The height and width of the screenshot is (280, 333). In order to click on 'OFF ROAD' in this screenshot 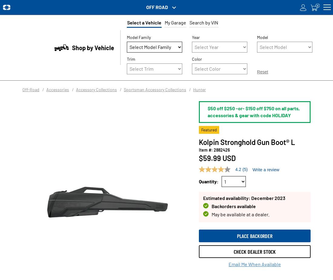, I will do `click(157, 7)`.